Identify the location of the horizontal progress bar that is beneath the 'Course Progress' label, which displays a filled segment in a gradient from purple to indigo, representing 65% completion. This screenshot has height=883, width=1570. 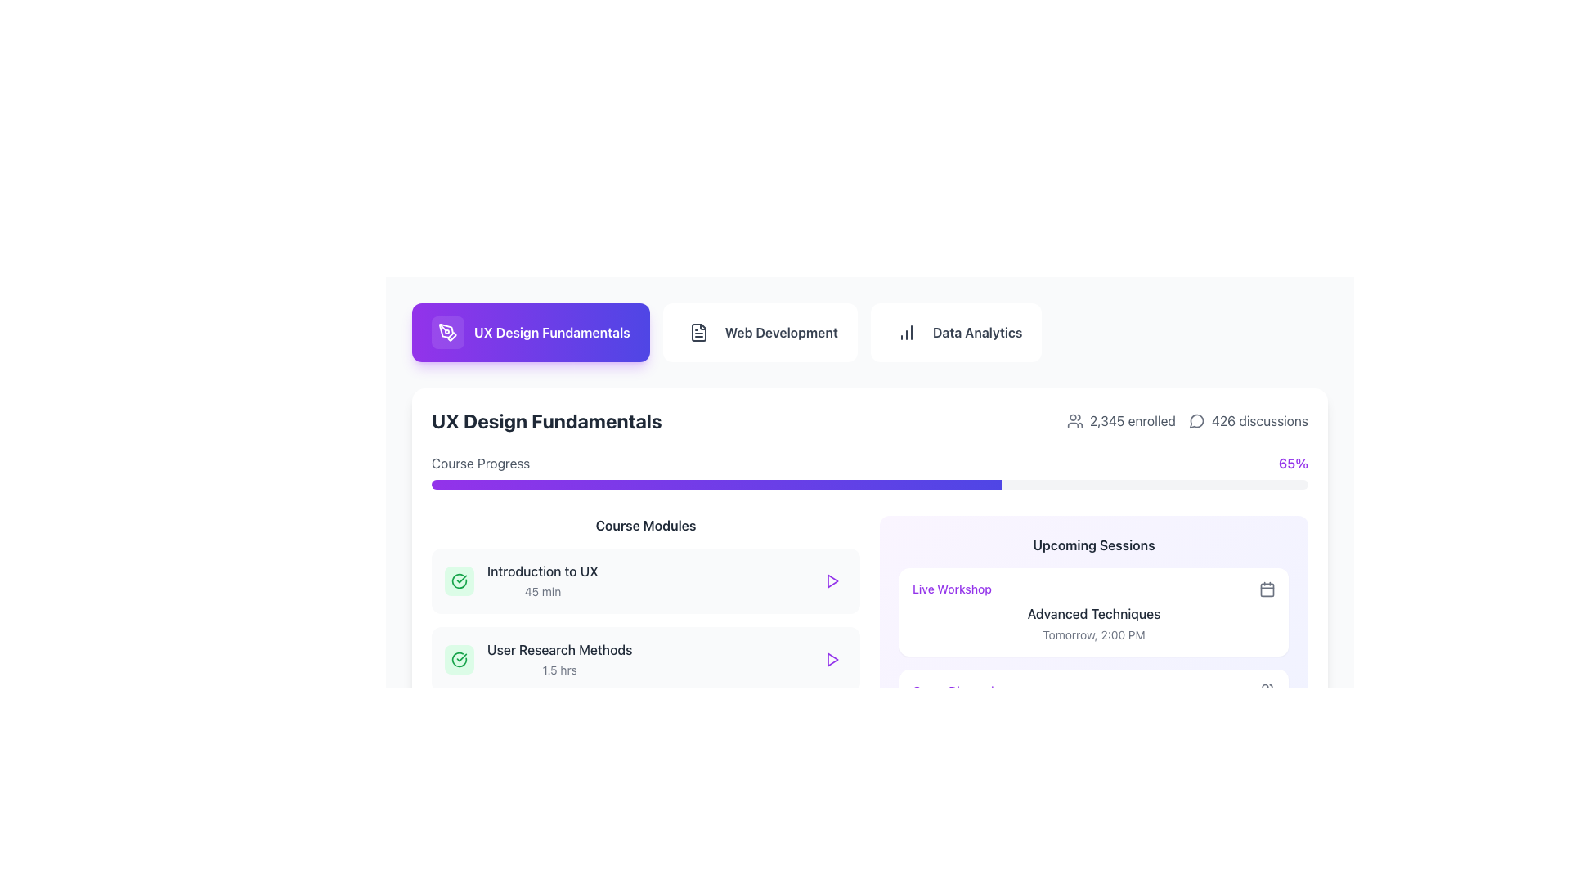
(869, 484).